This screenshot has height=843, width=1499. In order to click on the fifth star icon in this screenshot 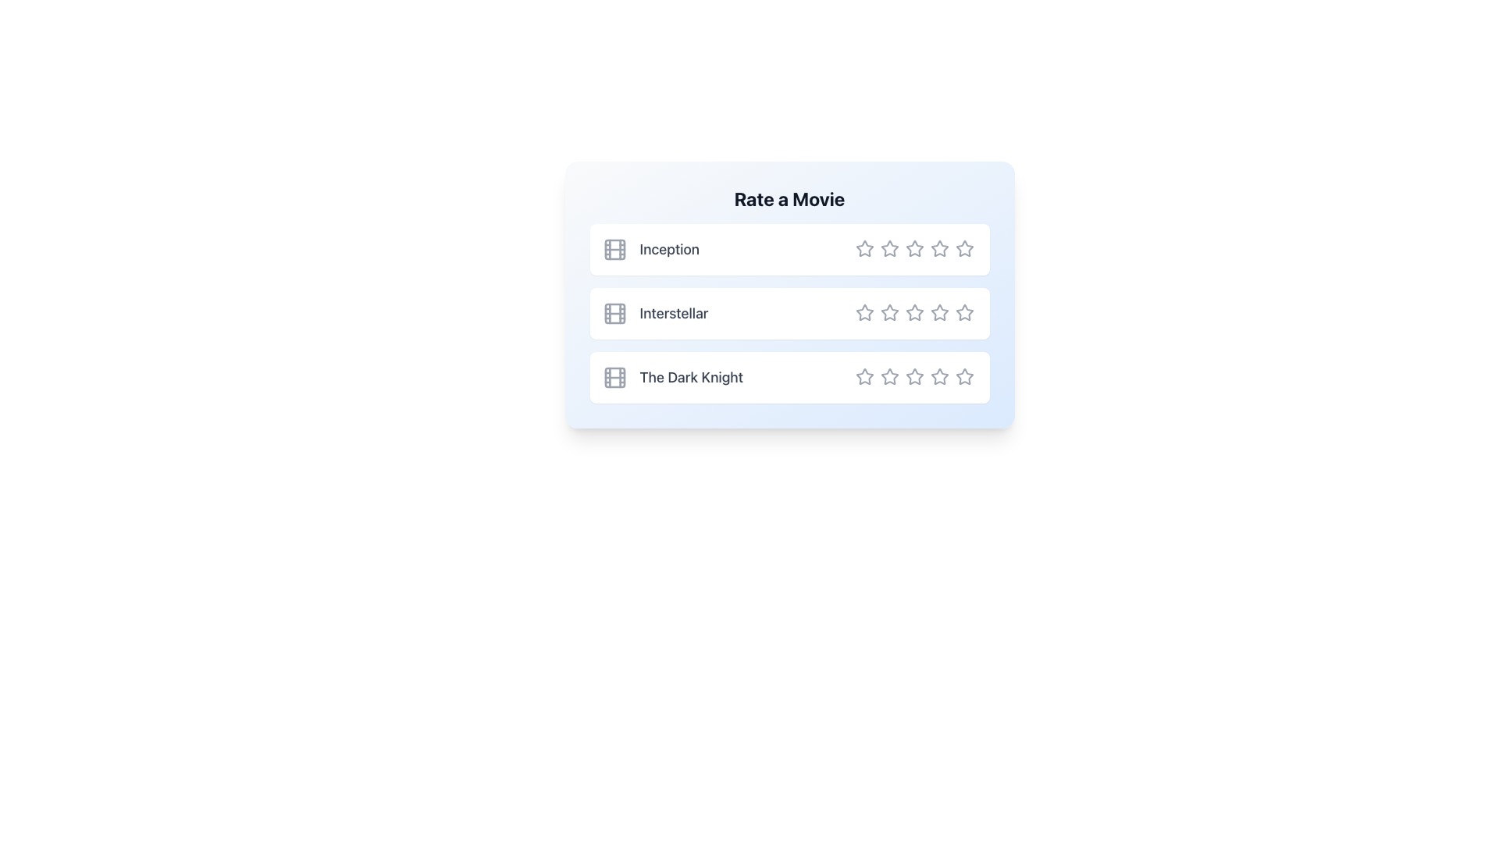, I will do `click(963, 313)`.